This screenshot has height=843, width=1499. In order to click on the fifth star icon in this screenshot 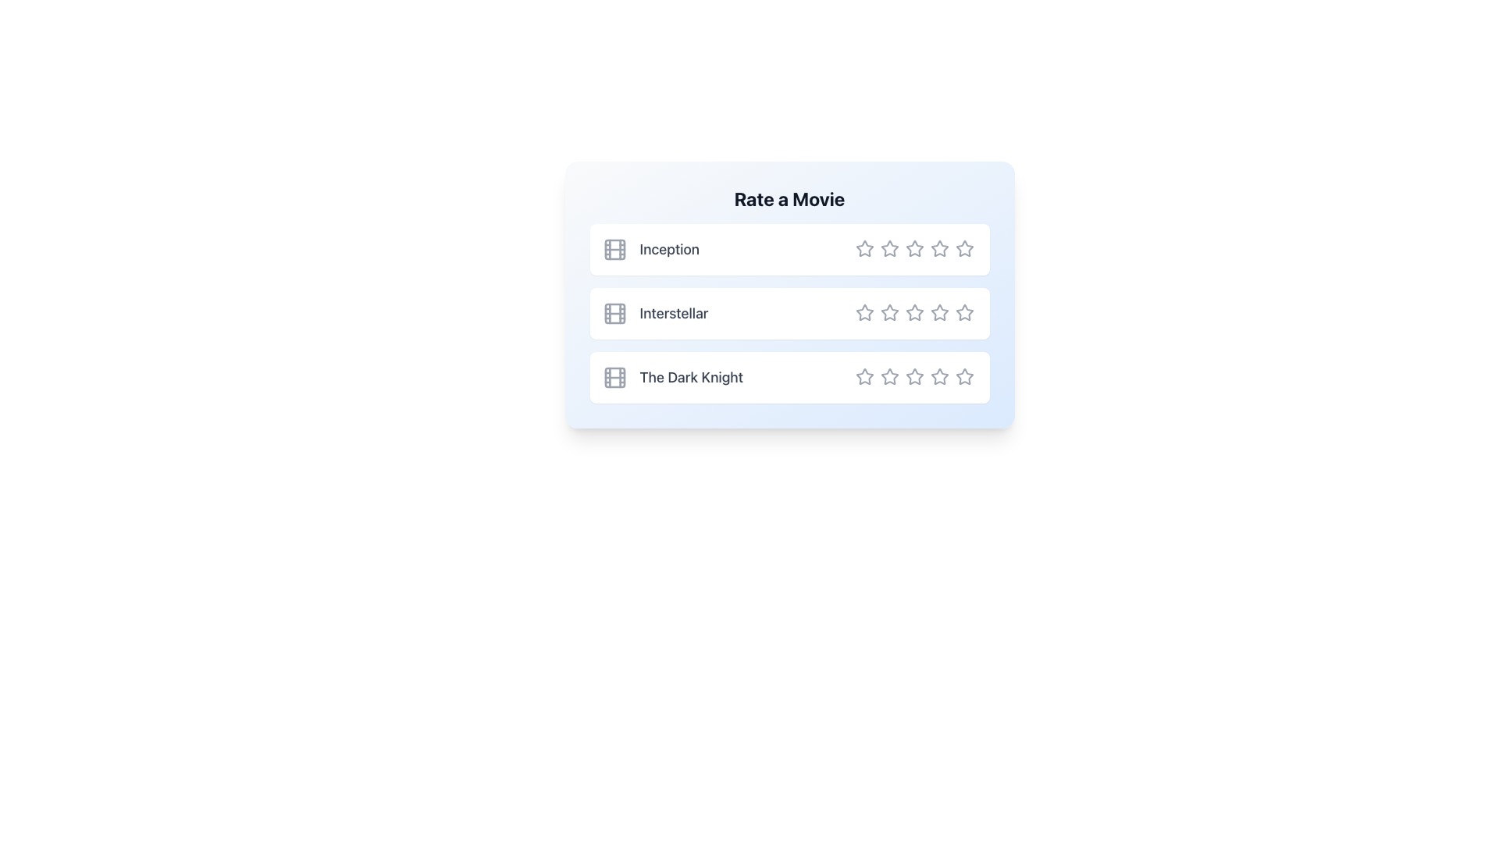, I will do `click(963, 313)`.